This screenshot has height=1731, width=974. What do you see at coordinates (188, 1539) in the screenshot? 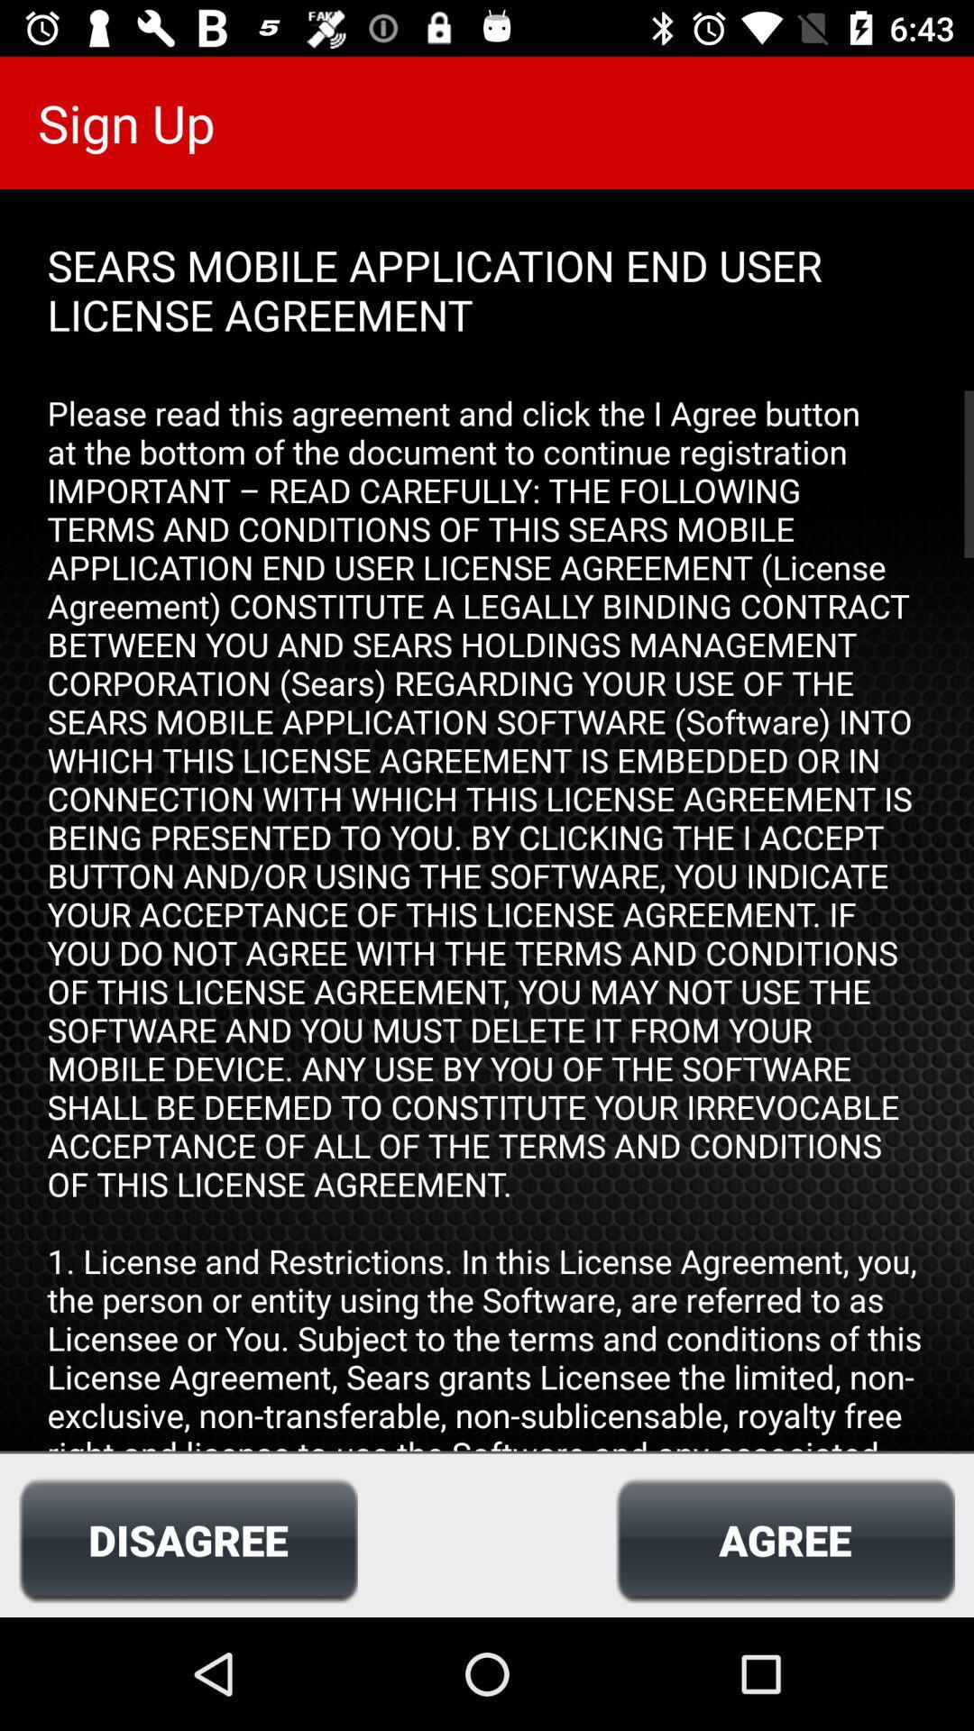
I see `icon at the bottom left corner` at bounding box center [188, 1539].